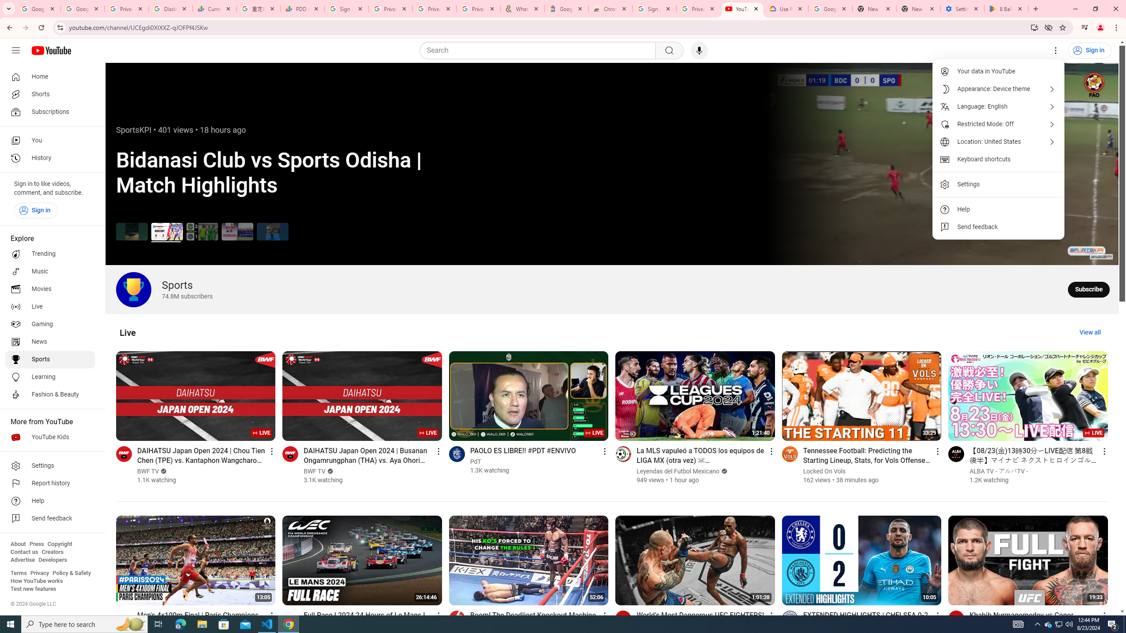 The image size is (1126, 633). Describe the element at coordinates (998, 71) in the screenshot. I see `'Your data in YouTube'` at that location.